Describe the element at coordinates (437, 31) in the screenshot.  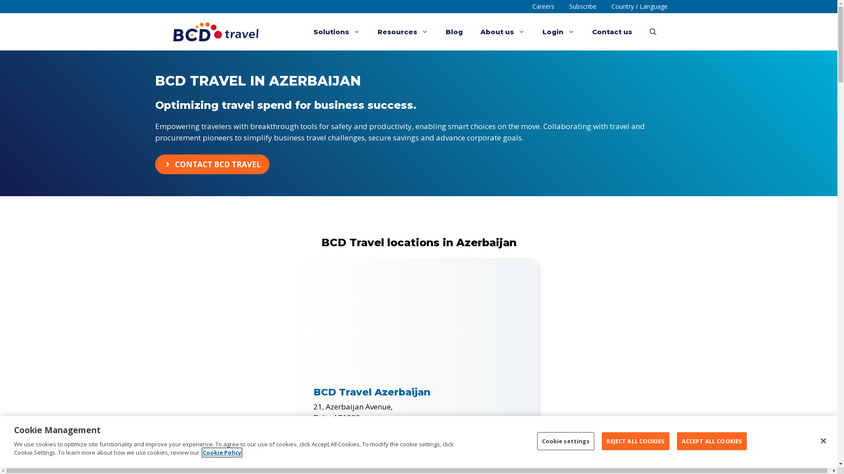
I see `'Blog'` at that location.